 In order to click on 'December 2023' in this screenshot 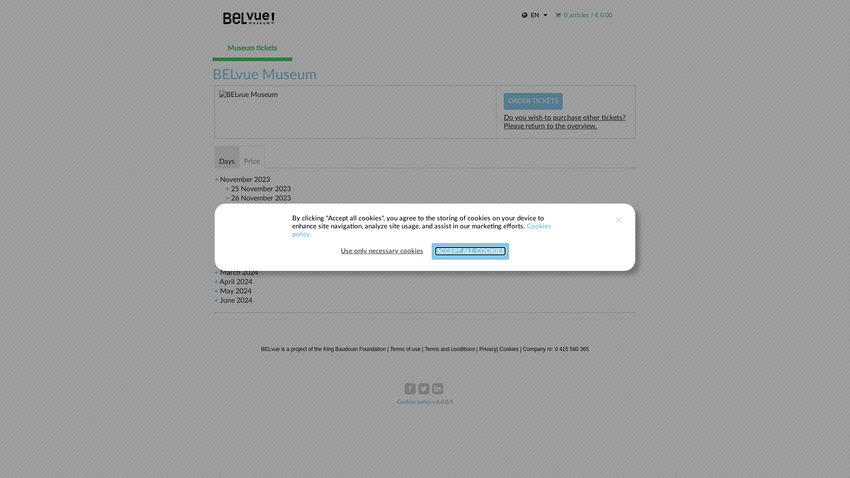, I will do `click(244, 244)`.